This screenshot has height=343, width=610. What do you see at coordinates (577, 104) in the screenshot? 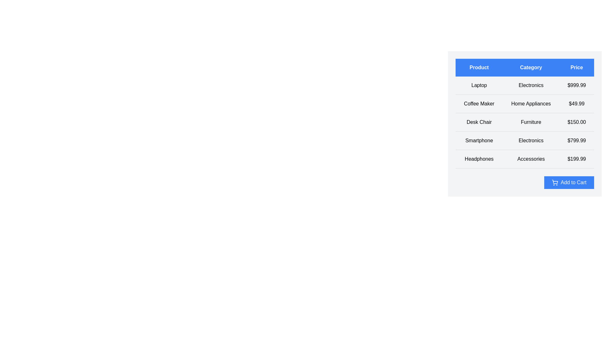
I see `the text label displaying the price '$49.99' in the 'Price' column of the table for the 'Coffee Maker' product` at bounding box center [577, 104].